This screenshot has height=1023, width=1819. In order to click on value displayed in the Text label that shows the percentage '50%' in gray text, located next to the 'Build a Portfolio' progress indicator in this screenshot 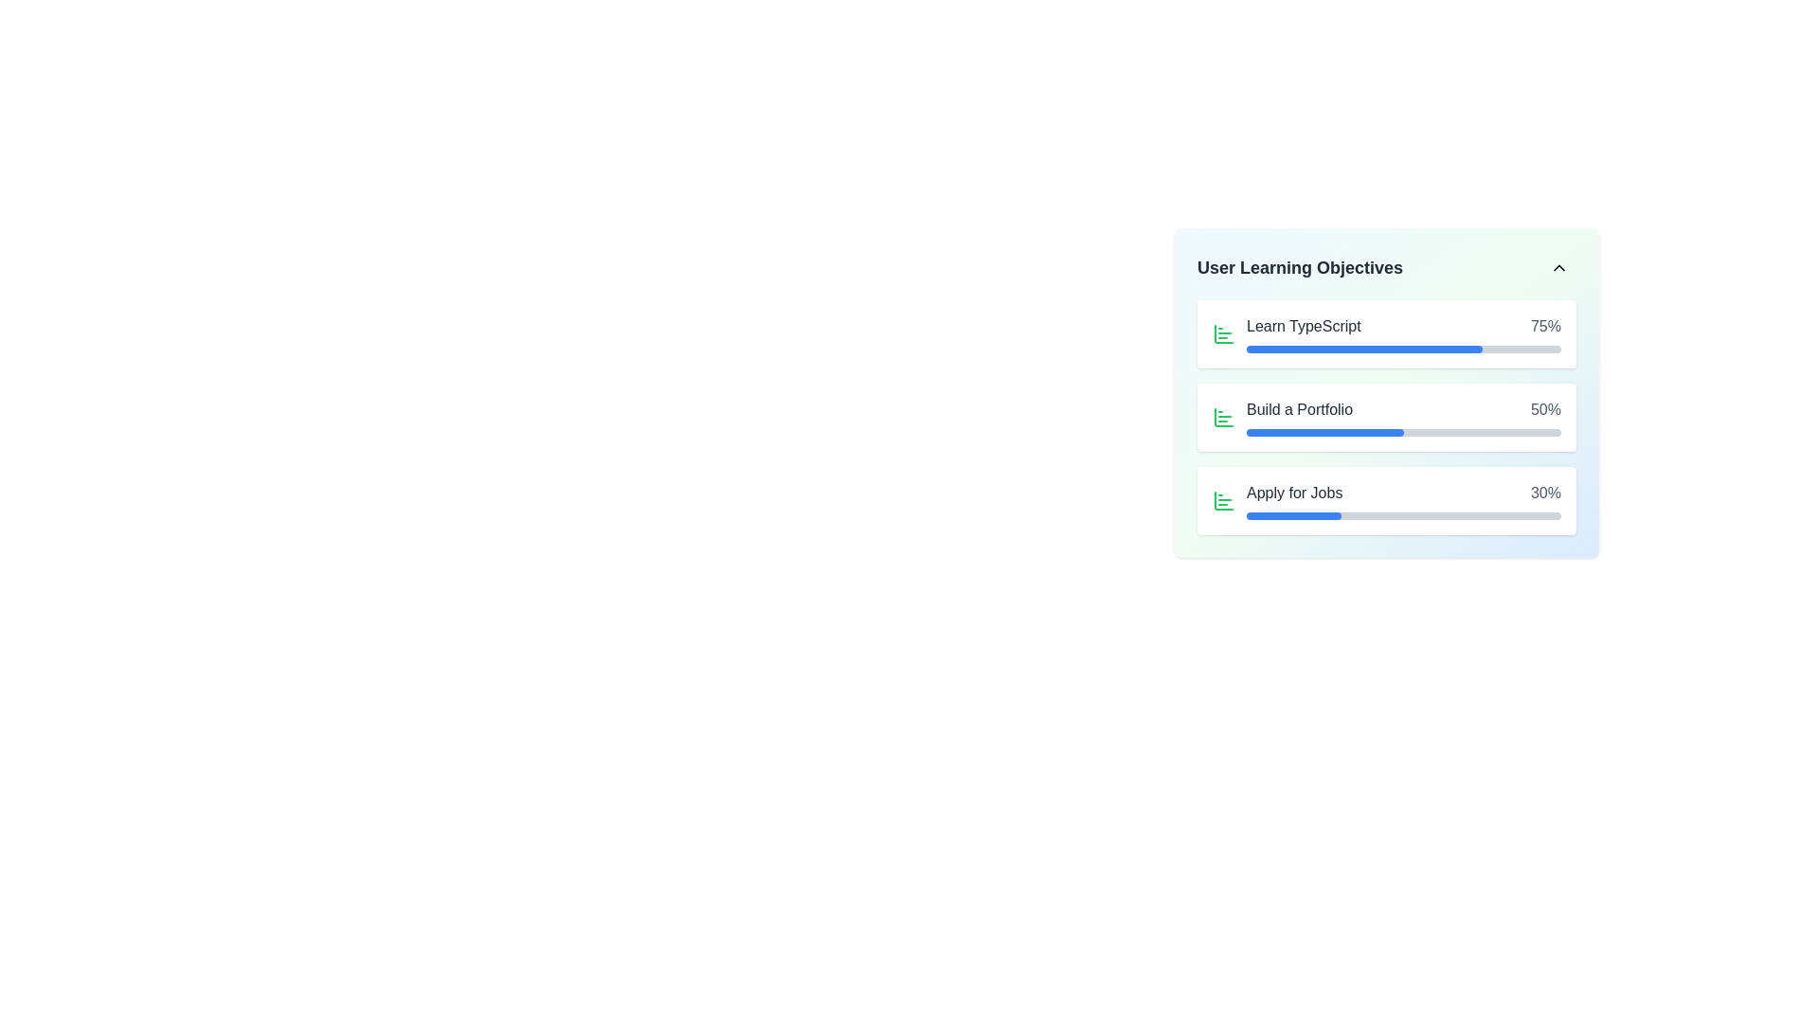, I will do `click(1546, 408)`.